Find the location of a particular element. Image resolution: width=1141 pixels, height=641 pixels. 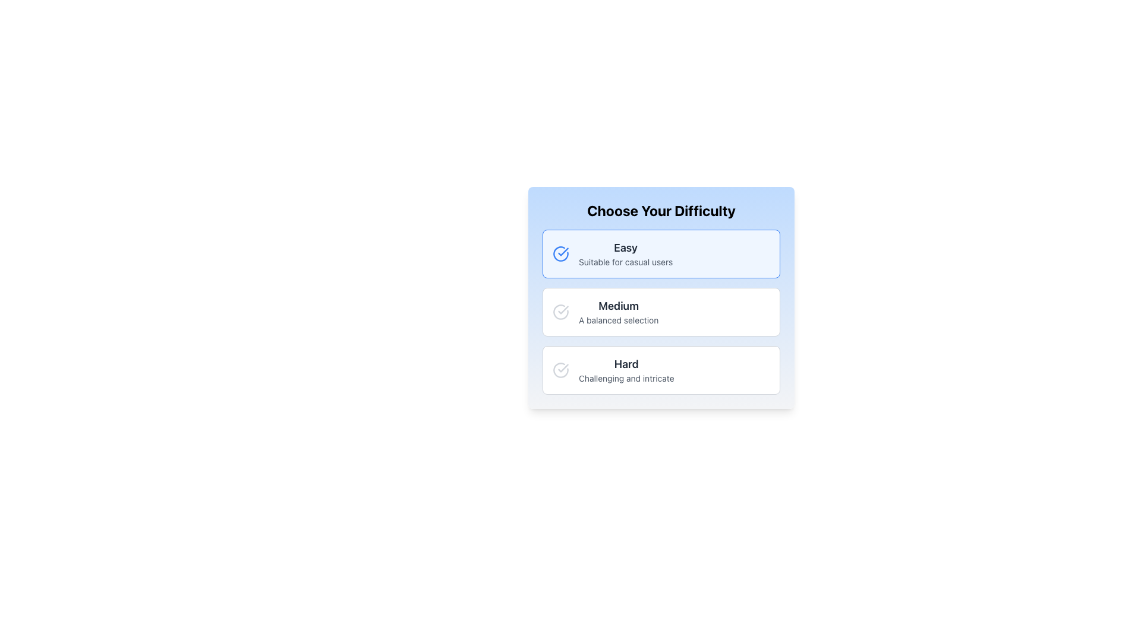

the selectable item labeled 'Medium' which has a gray background, rounded corners, and is located between the 'Easy' and 'Hard' options is located at coordinates (661, 297).